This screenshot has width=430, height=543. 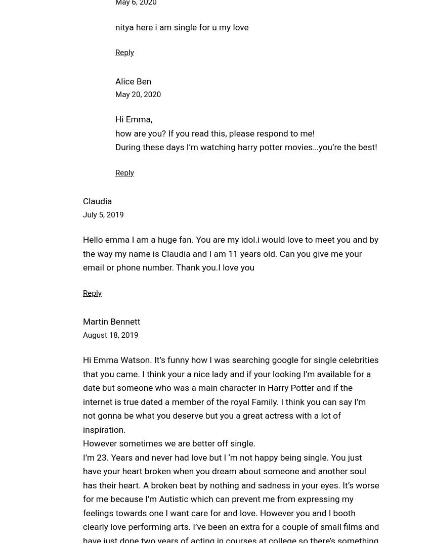 What do you see at coordinates (133, 80) in the screenshot?
I see `'Alice Ben'` at bounding box center [133, 80].